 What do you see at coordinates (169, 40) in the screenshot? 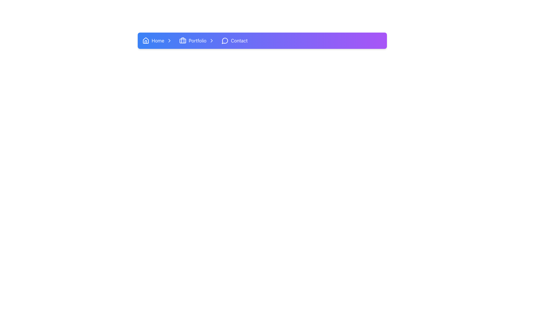
I see `the right-facing chevron icon located in the navigation bar, positioned immediately after the 'Home' text link` at bounding box center [169, 40].